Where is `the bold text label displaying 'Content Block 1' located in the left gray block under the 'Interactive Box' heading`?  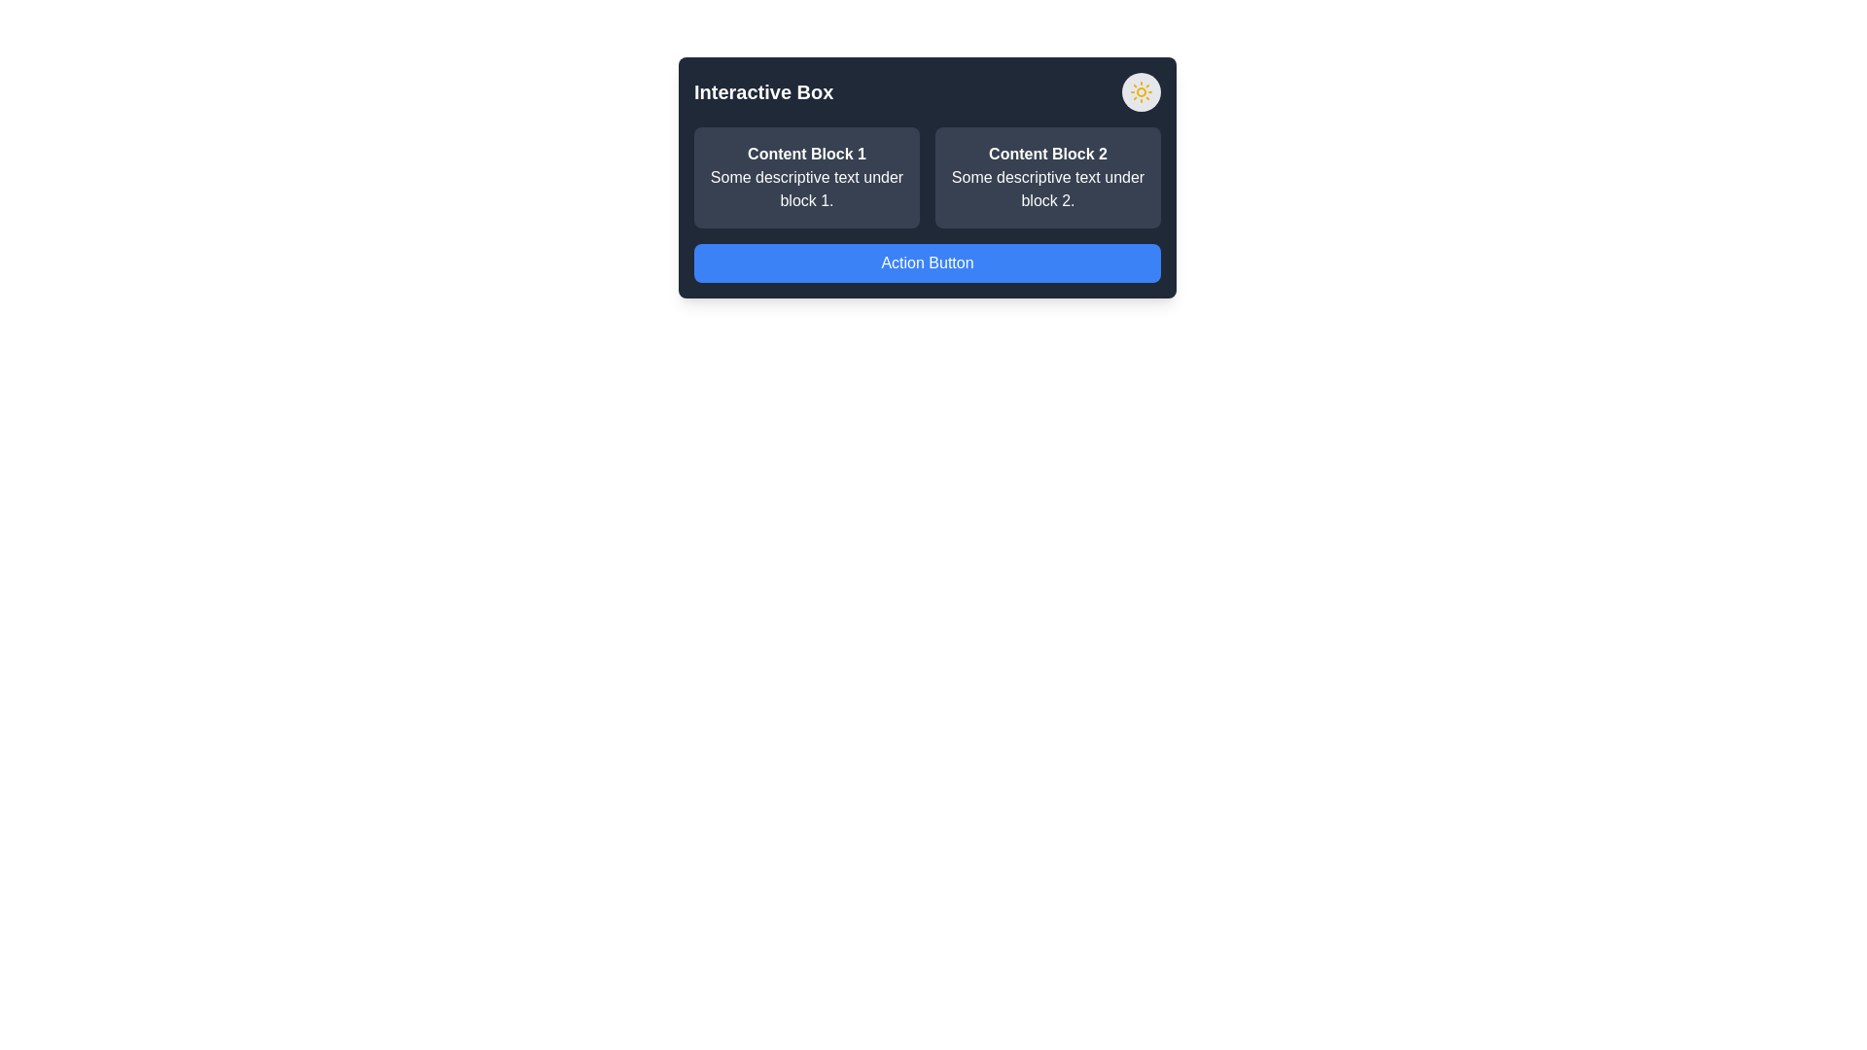 the bold text label displaying 'Content Block 1' located in the left gray block under the 'Interactive Box' heading is located at coordinates (807, 153).